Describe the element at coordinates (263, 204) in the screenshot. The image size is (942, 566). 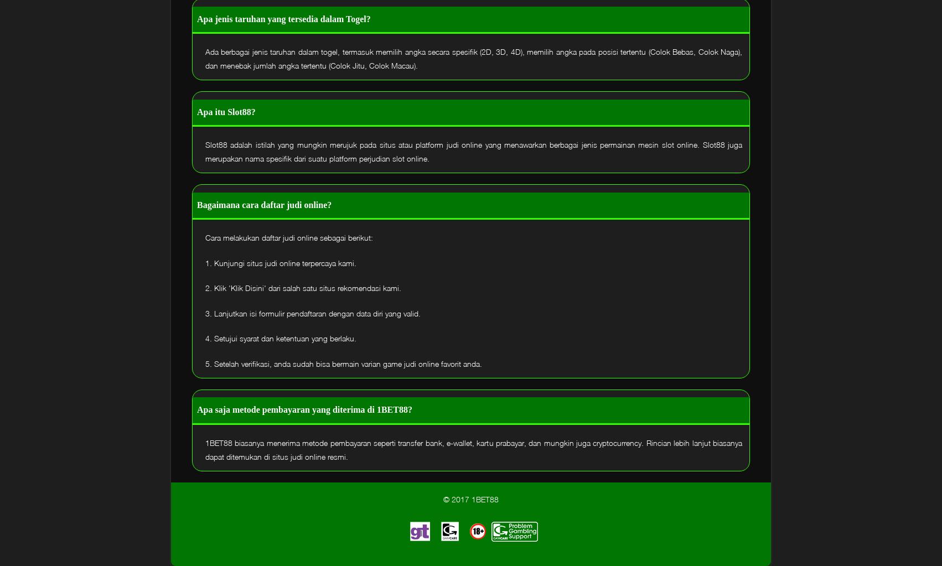
I see `'Bagaimana cara daftar judi online?'` at that location.